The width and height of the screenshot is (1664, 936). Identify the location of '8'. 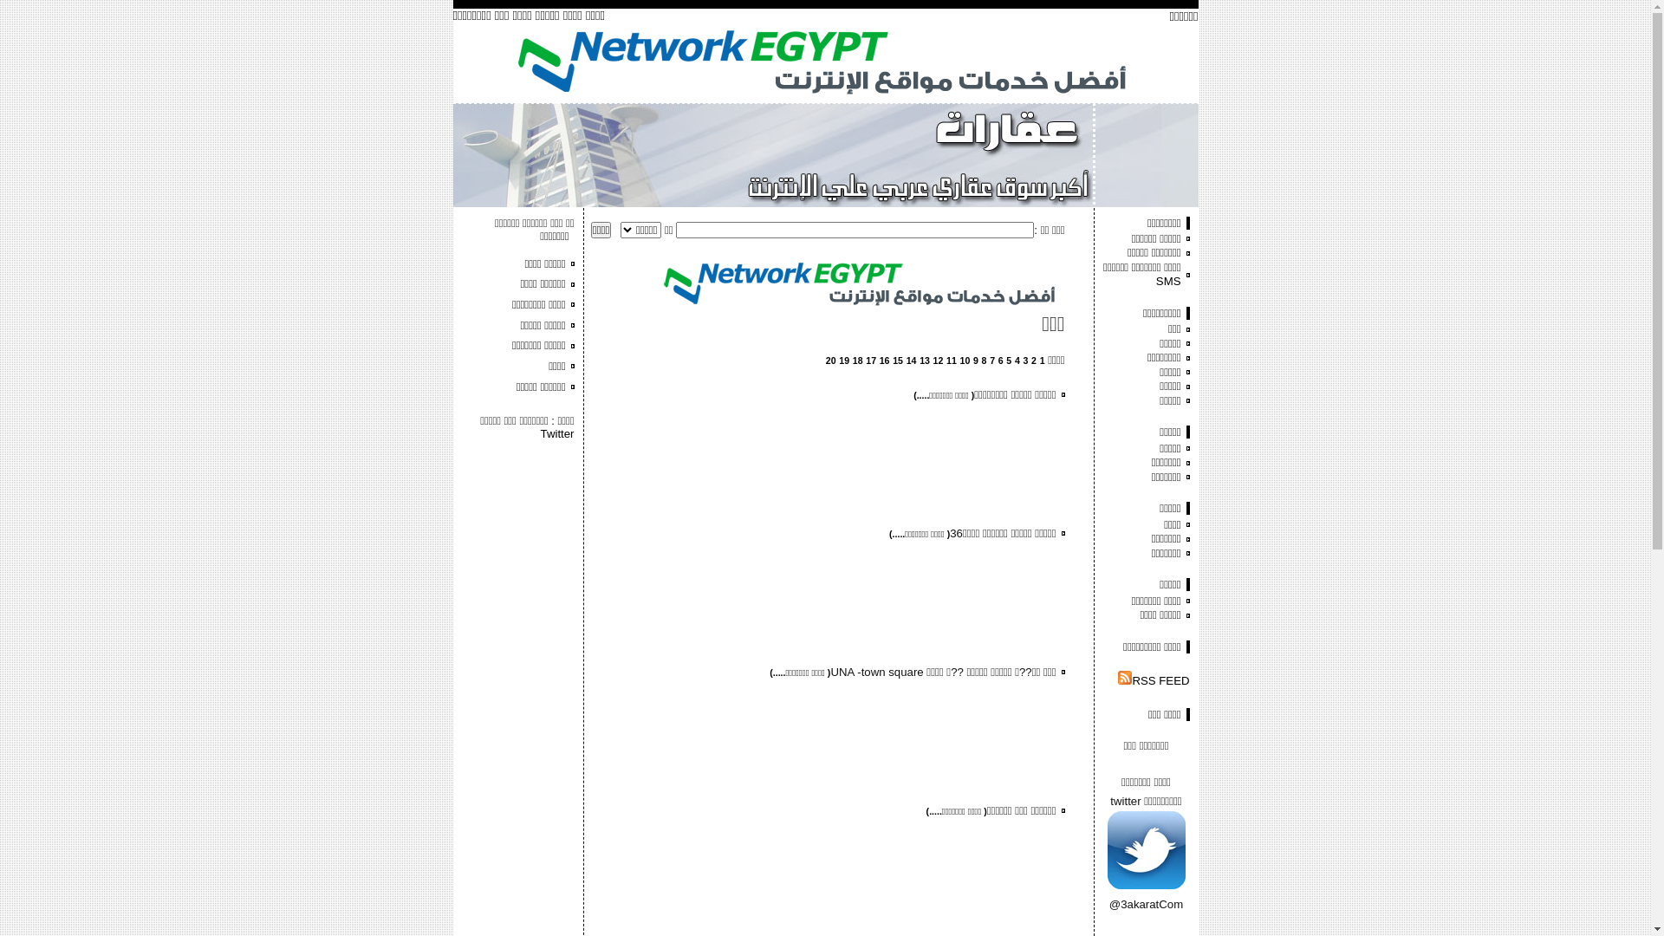
(981, 360).